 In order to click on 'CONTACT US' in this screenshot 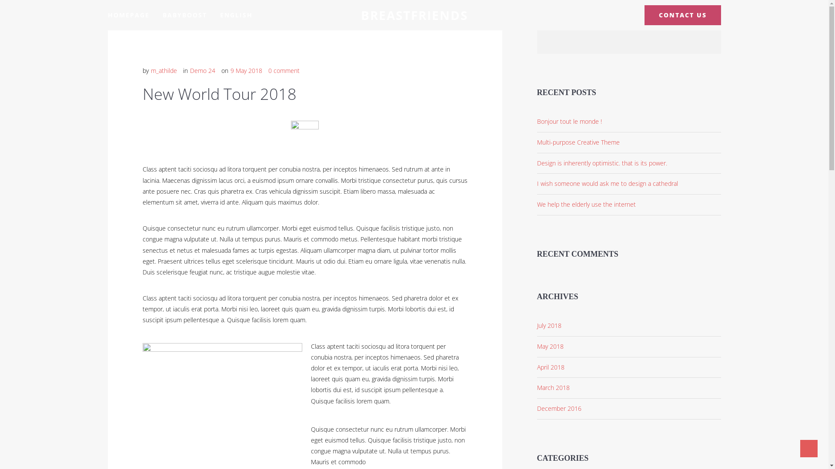, I will do `click(682, 15)`.